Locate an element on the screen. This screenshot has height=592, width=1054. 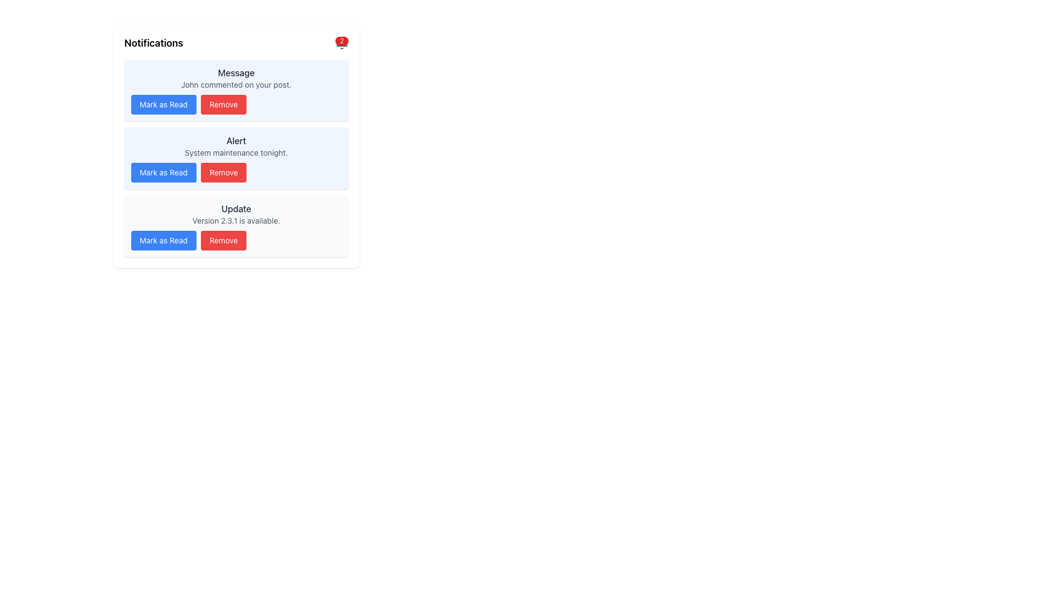
the red 'Remove' button with white text to observe the color change upon hover is located at coordinates (223, 173).